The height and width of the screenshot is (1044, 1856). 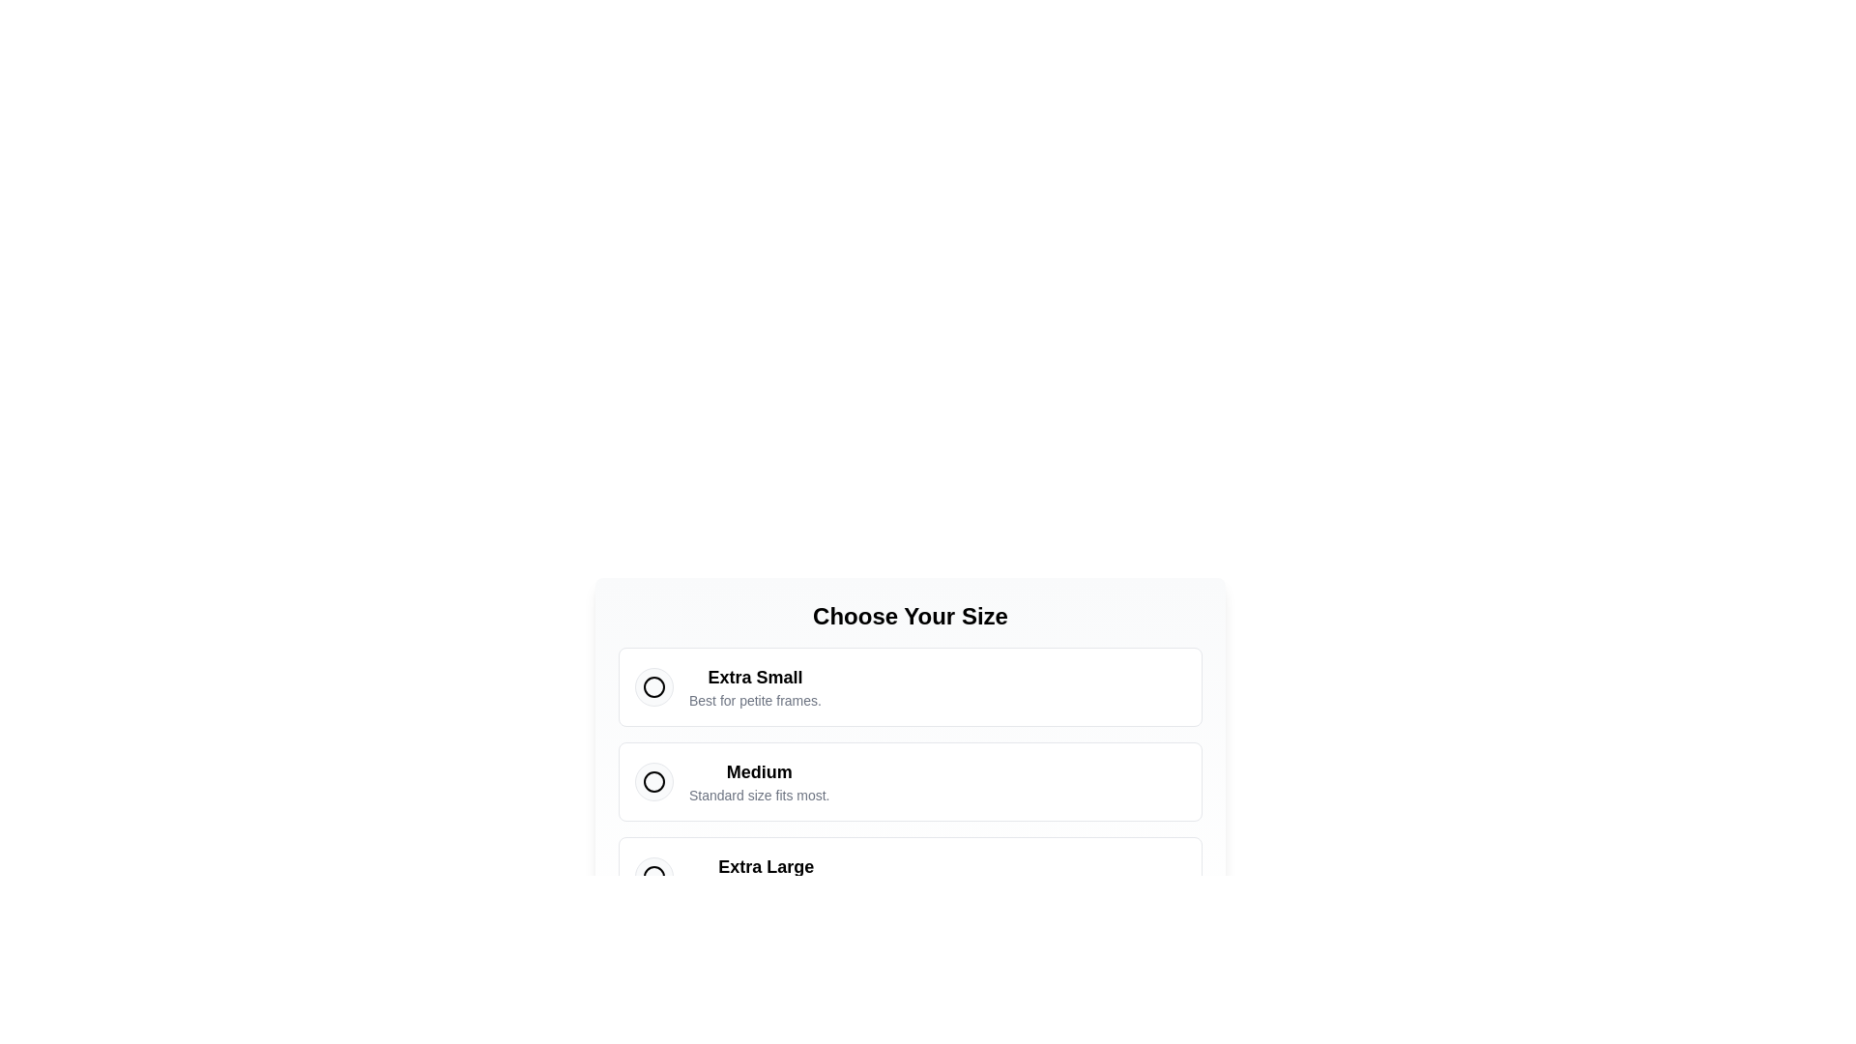 I want to click on the circle graphic representing the radio button for the 'Extra Small' size option, so click(x=653, y=685).